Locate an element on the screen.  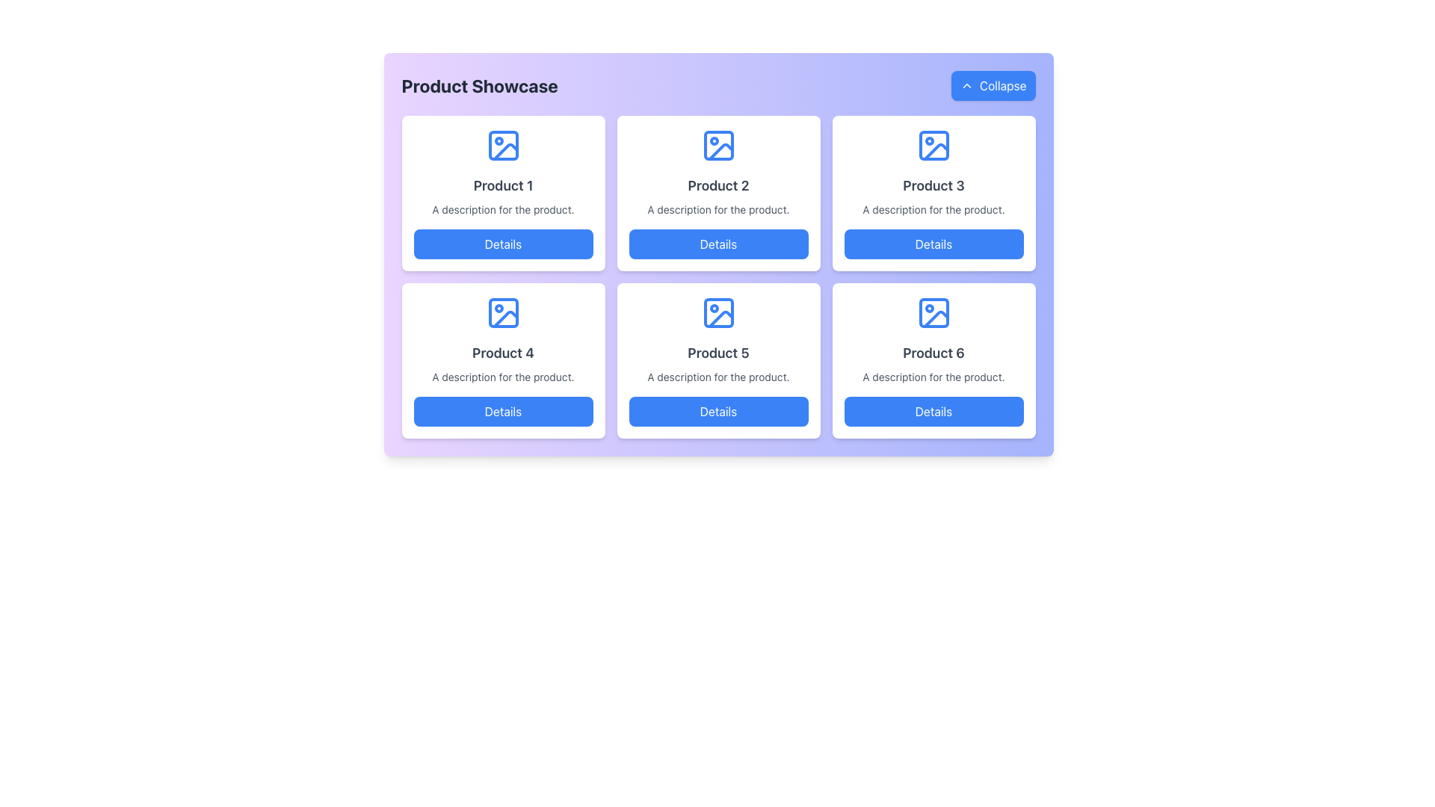
the button associated with 'Product 2' to fetch more information about the product is located at coordinates (718, 244).